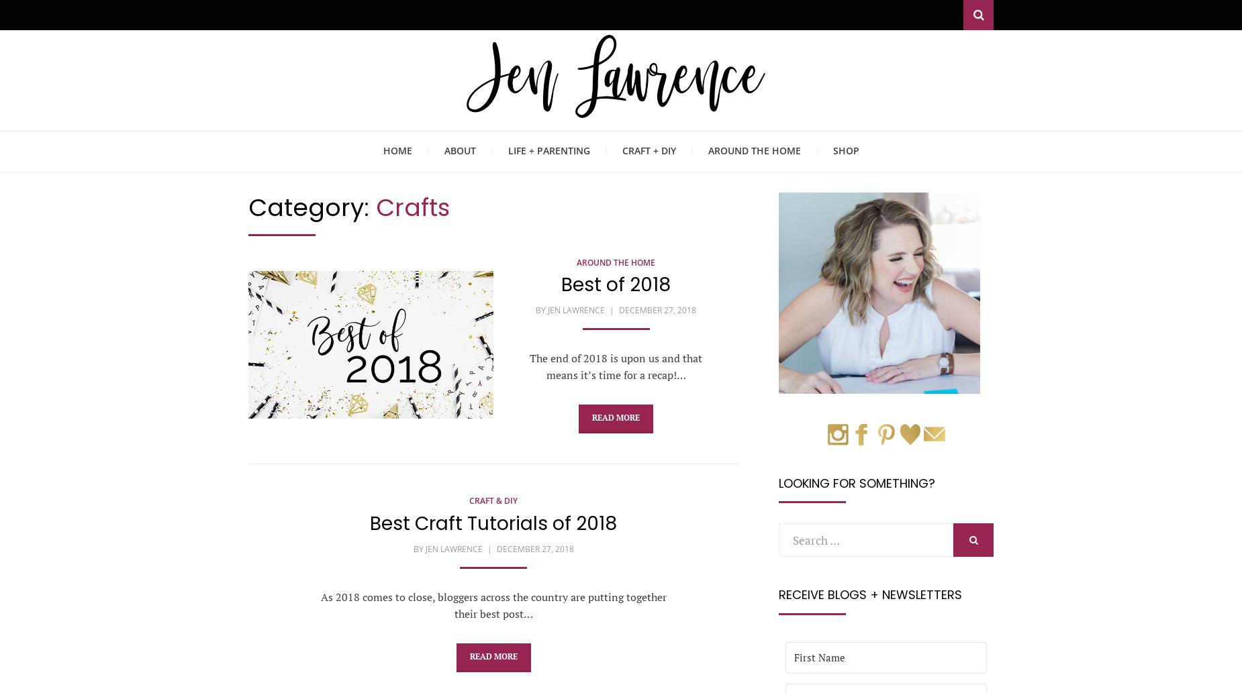  I want to click on 'Receive Blogs + Newsletters', so click(869, 594).